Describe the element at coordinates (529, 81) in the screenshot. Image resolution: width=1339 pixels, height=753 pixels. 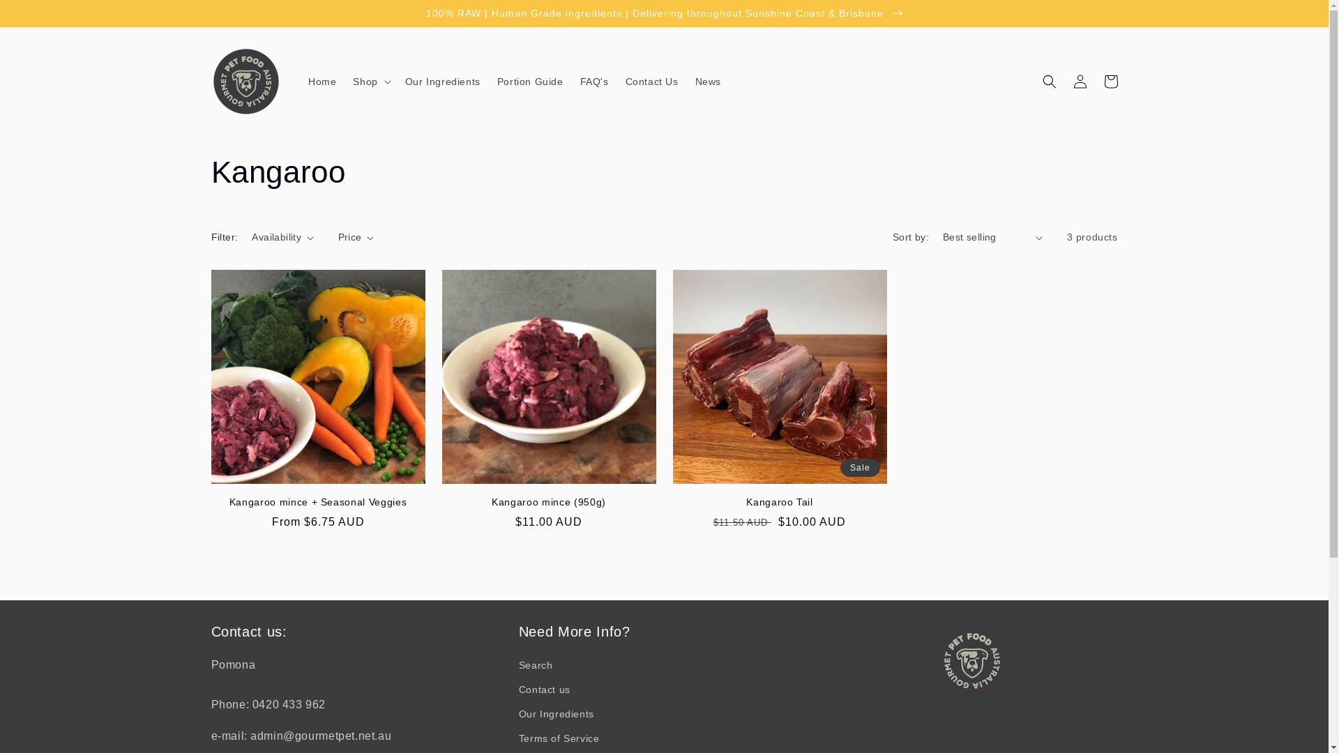
I see `'Portion Guide'` at that location.